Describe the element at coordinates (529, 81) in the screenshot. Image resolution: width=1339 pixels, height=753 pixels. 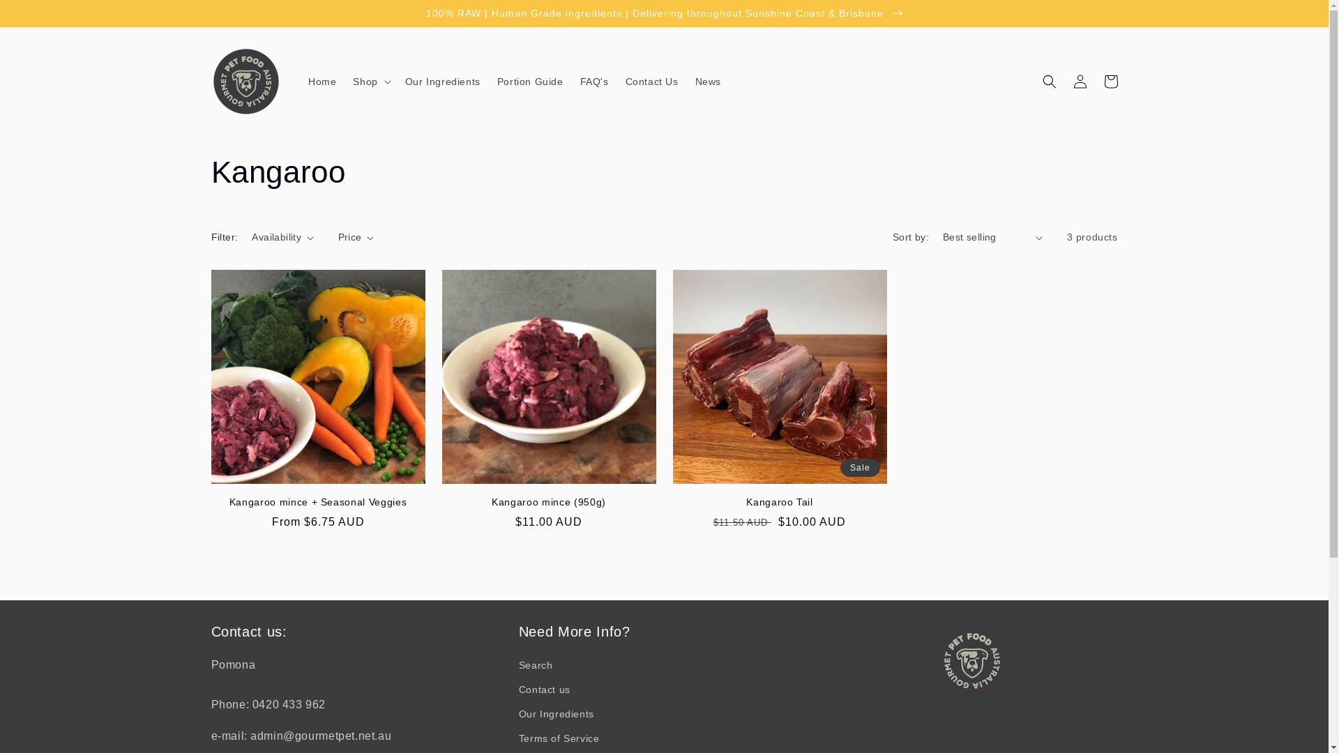
I see `'Portion Guide'` at that location.